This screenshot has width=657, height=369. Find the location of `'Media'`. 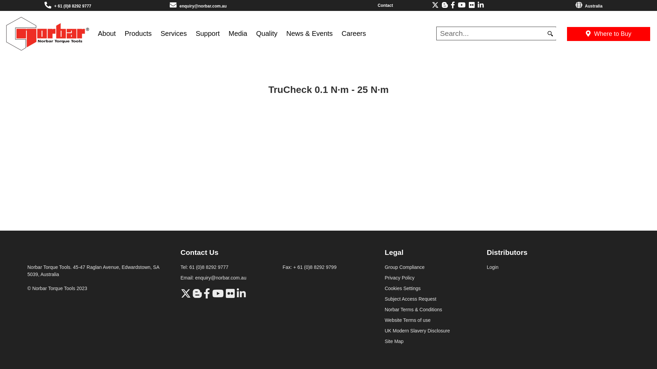

'Media' is located at coordinates (224, 33).